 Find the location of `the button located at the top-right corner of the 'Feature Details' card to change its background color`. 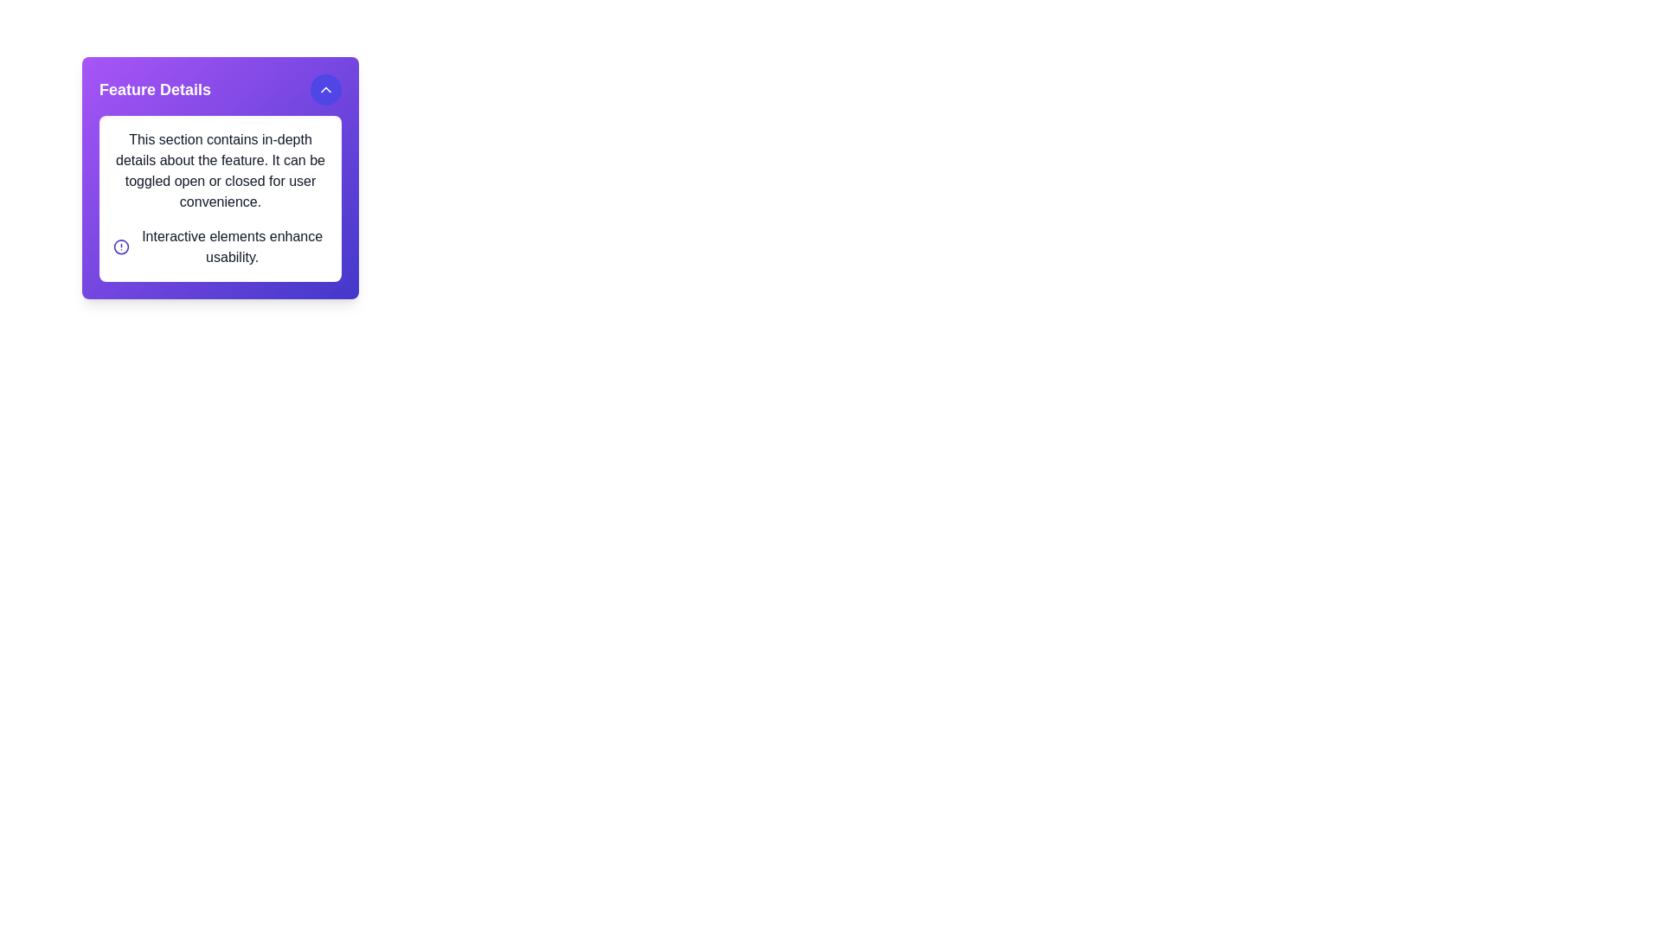

the button located at the top-right corner of the 'Feature Details' card to change its background color is located at coordinates (326, 90).